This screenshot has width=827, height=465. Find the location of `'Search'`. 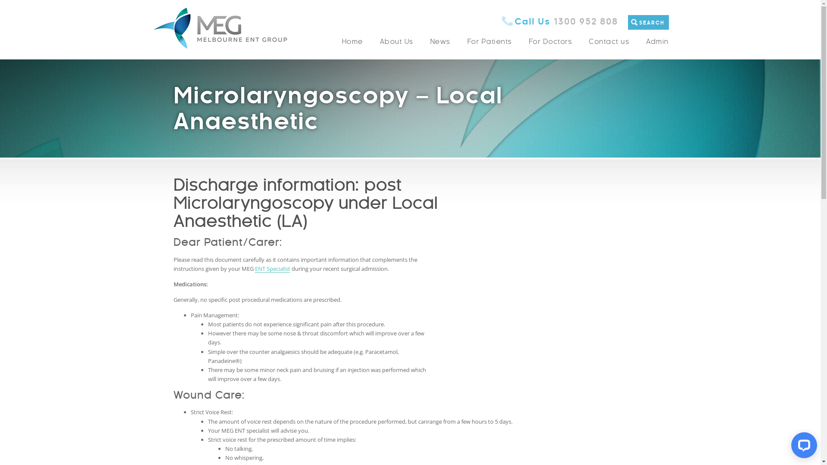

'Search' is located at coordinates (668, 29).